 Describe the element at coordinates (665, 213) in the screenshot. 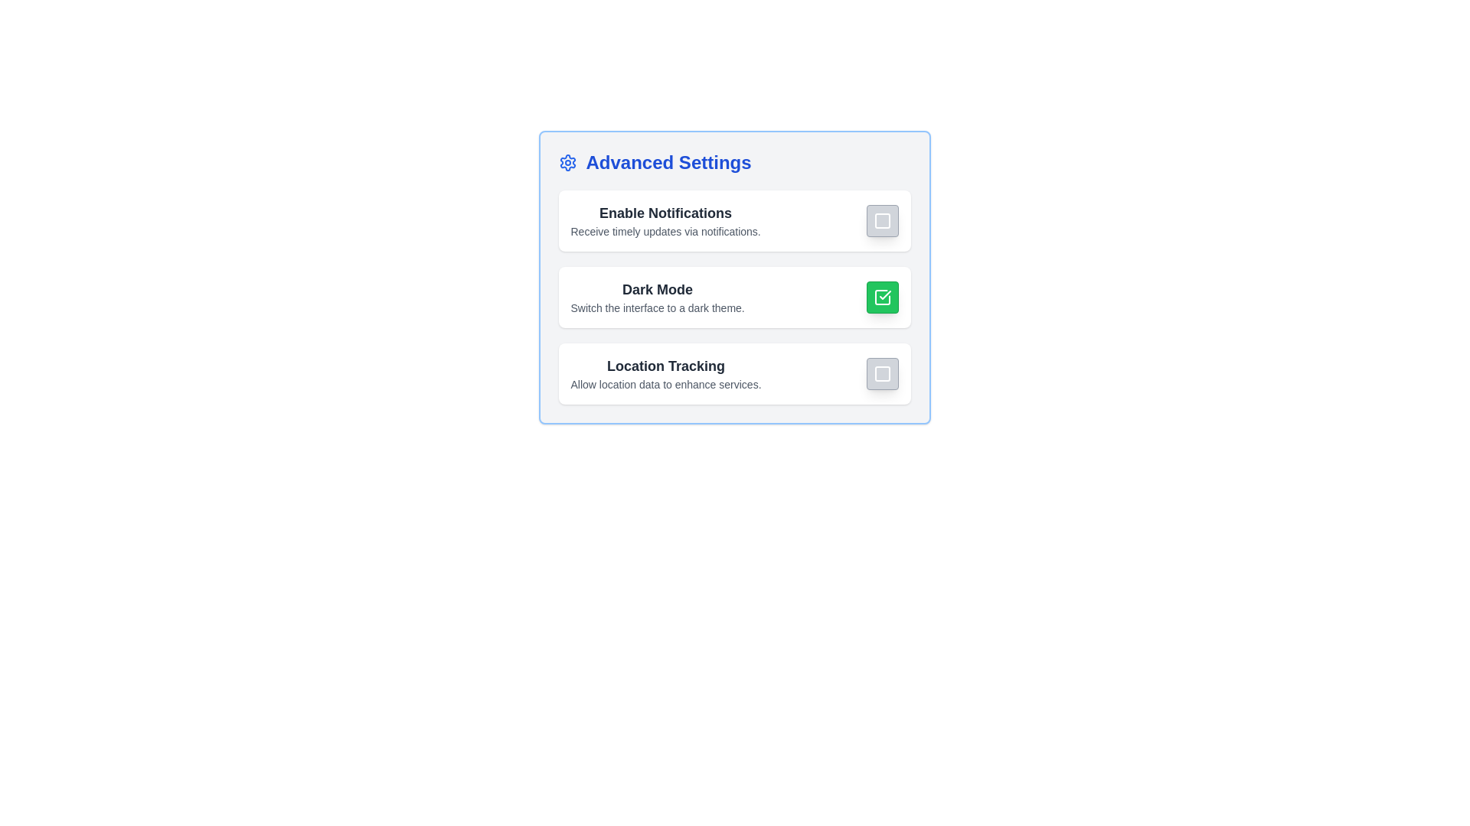

I see `the text label displaying 'Enable Notifications' in bold, located at the top of the 'Advanced Settings' section` at that location.